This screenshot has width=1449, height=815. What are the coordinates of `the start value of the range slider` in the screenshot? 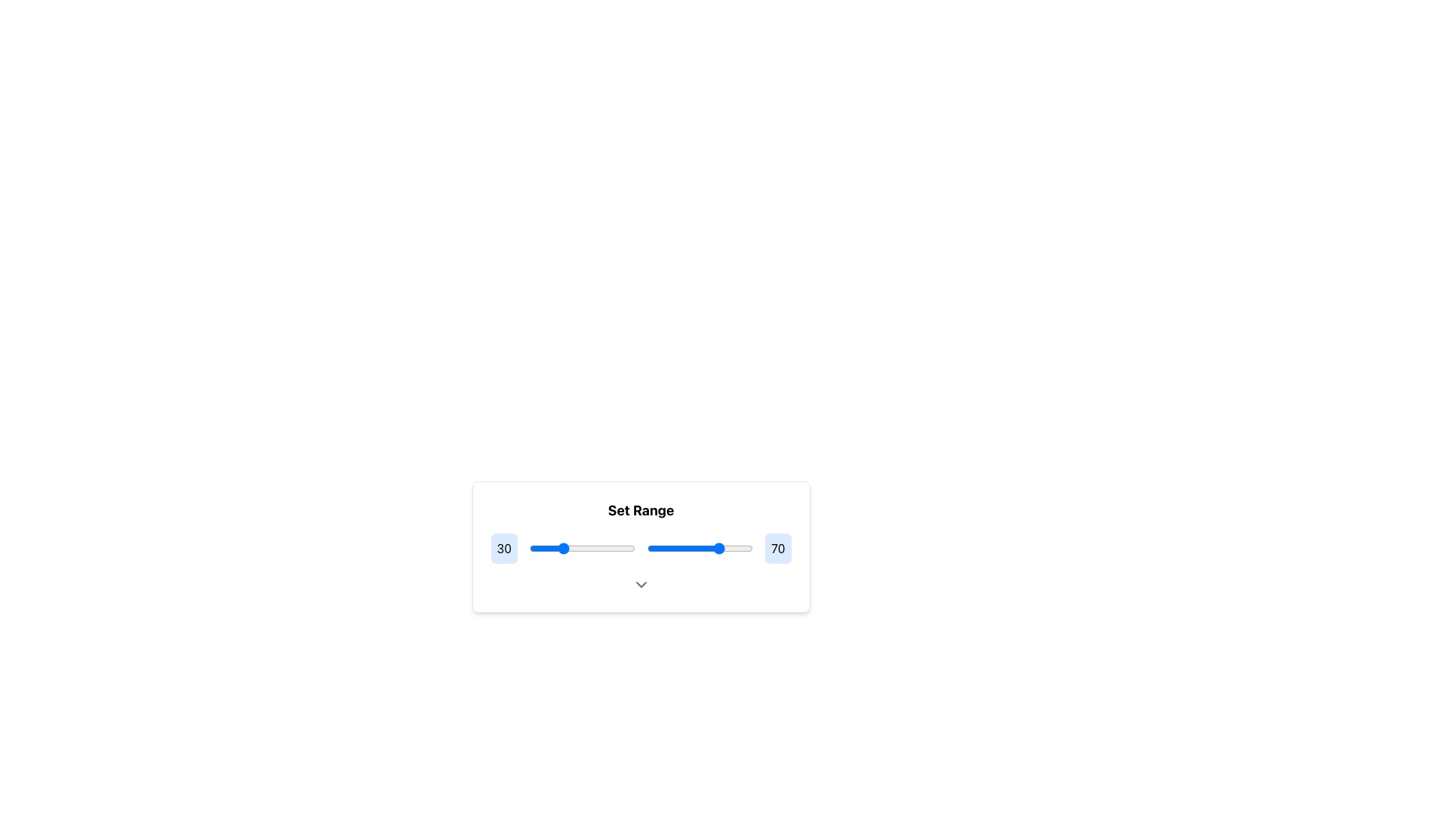 It's located at (537, 548).